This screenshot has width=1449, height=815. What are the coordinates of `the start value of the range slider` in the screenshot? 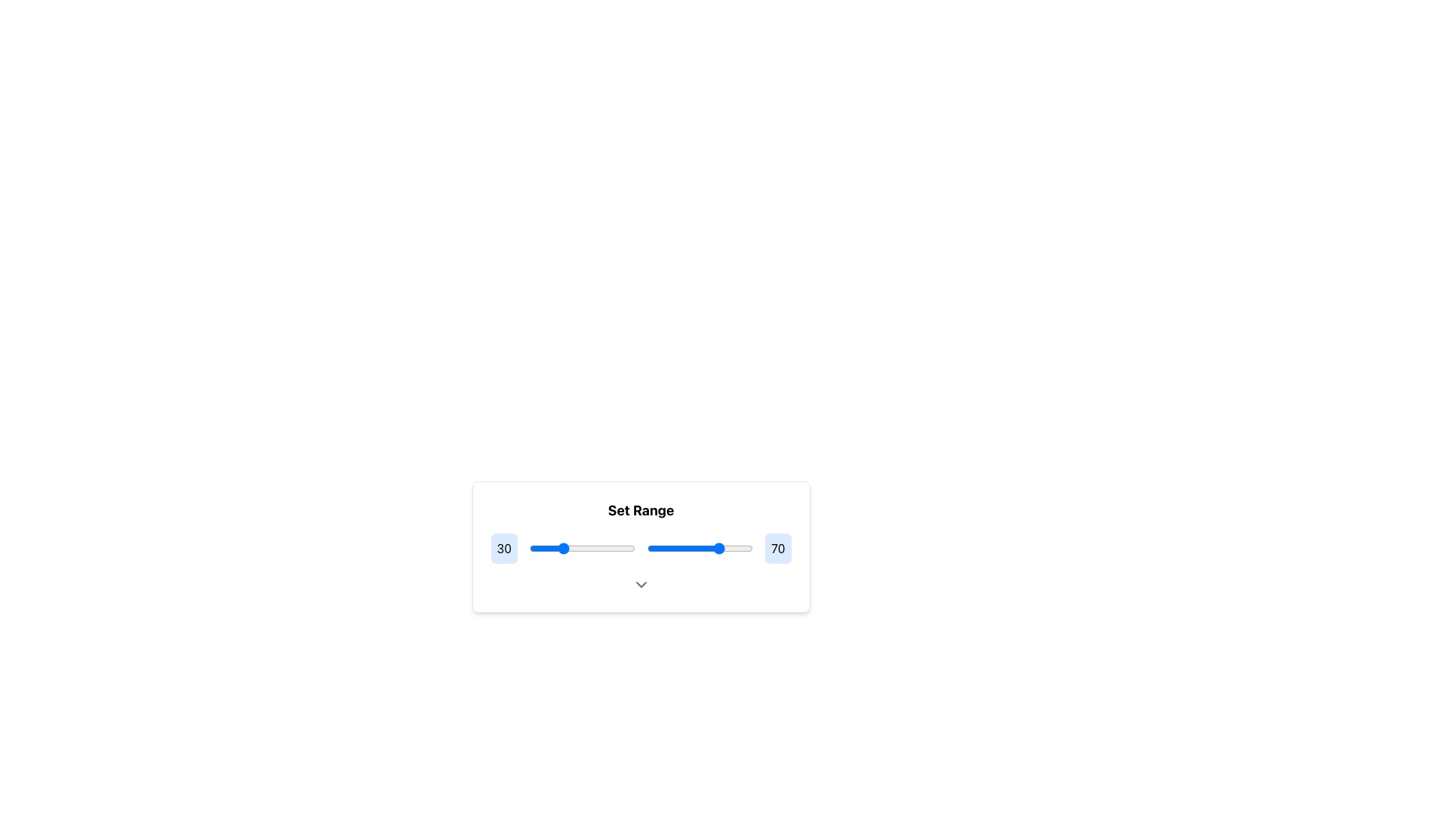 It's located at (537, 548).